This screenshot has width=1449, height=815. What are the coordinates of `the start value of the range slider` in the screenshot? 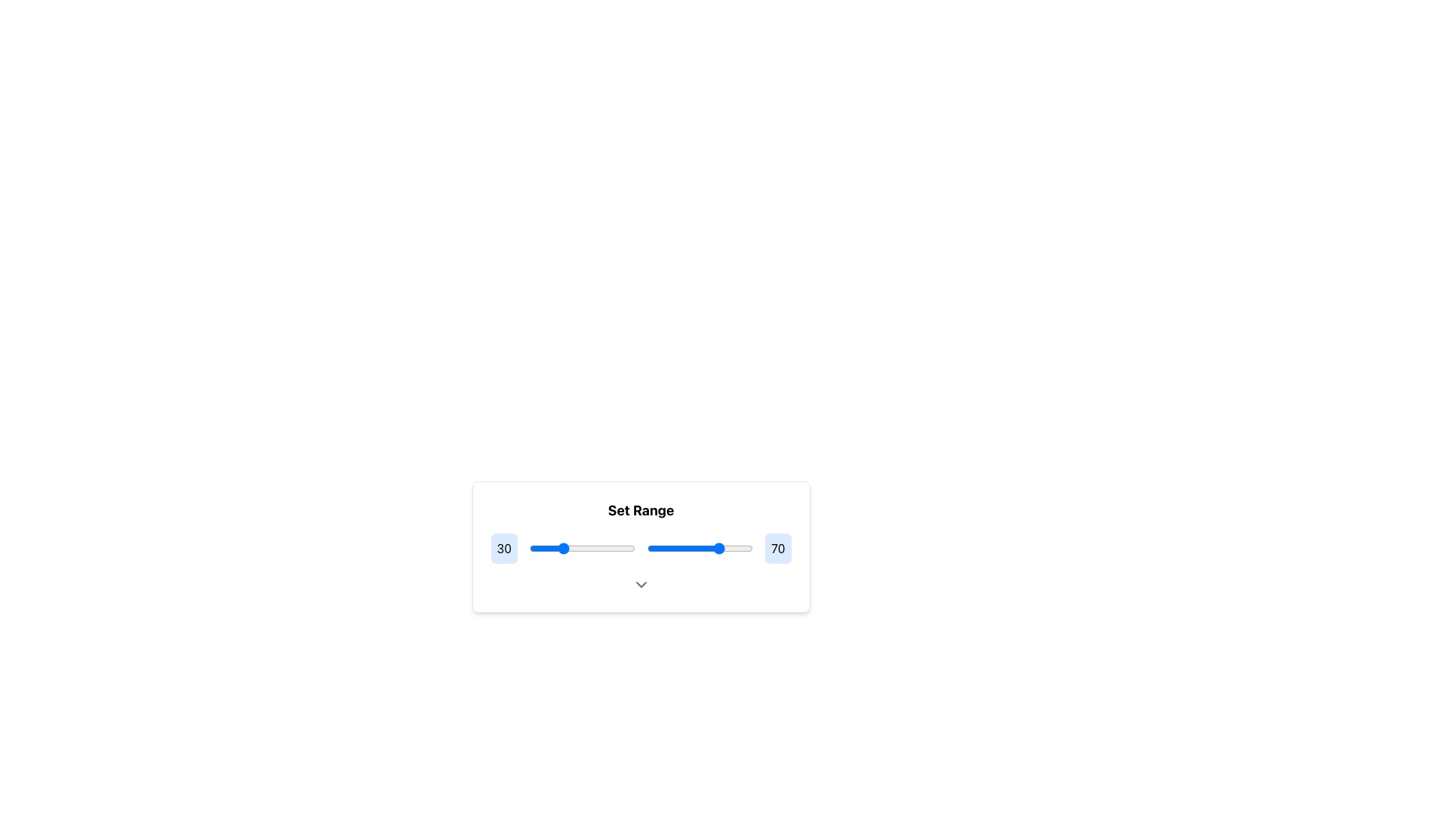 It's located at (537, 548).